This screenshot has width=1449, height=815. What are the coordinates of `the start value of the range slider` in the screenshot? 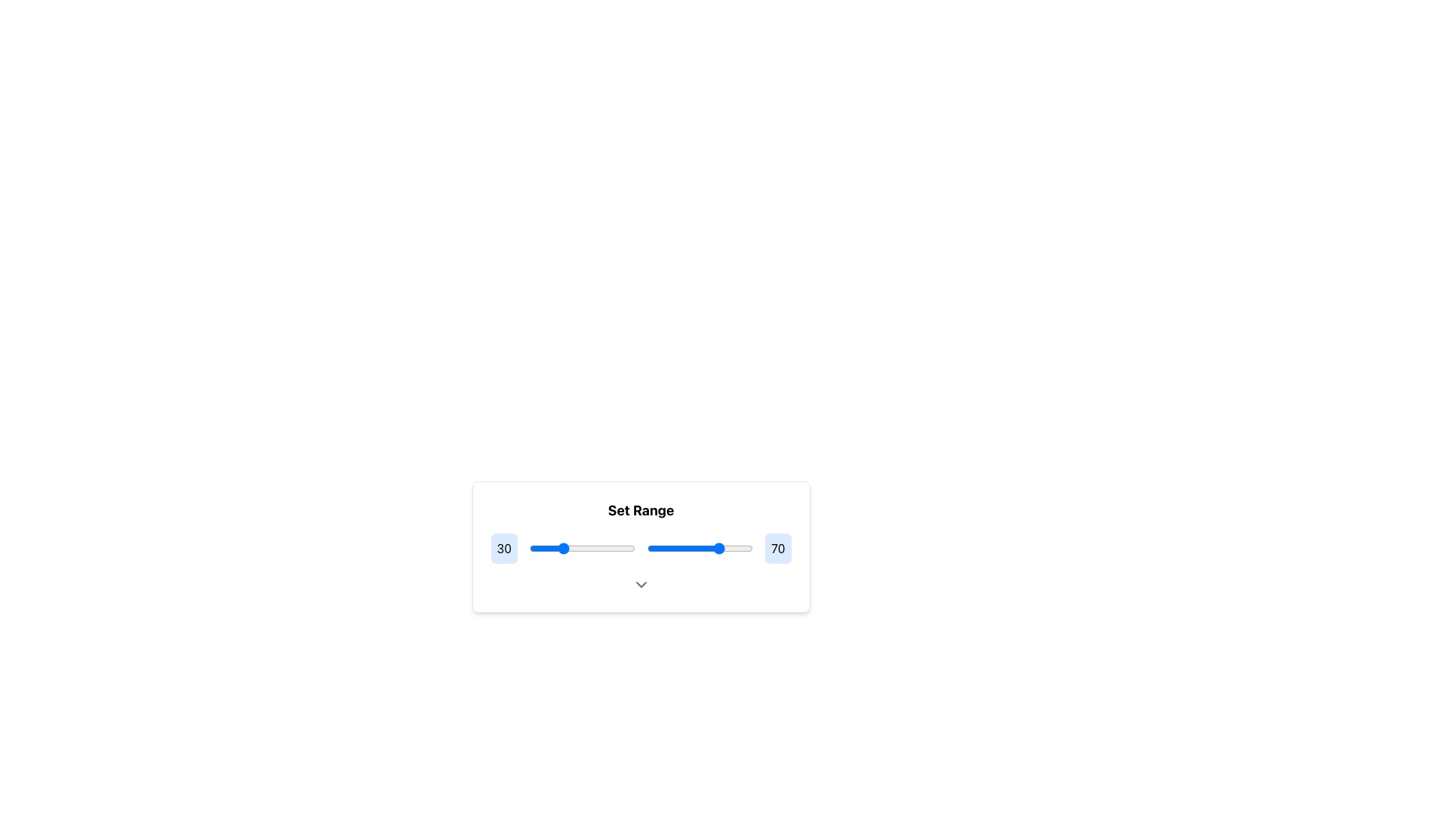 It's located at (537, 548).